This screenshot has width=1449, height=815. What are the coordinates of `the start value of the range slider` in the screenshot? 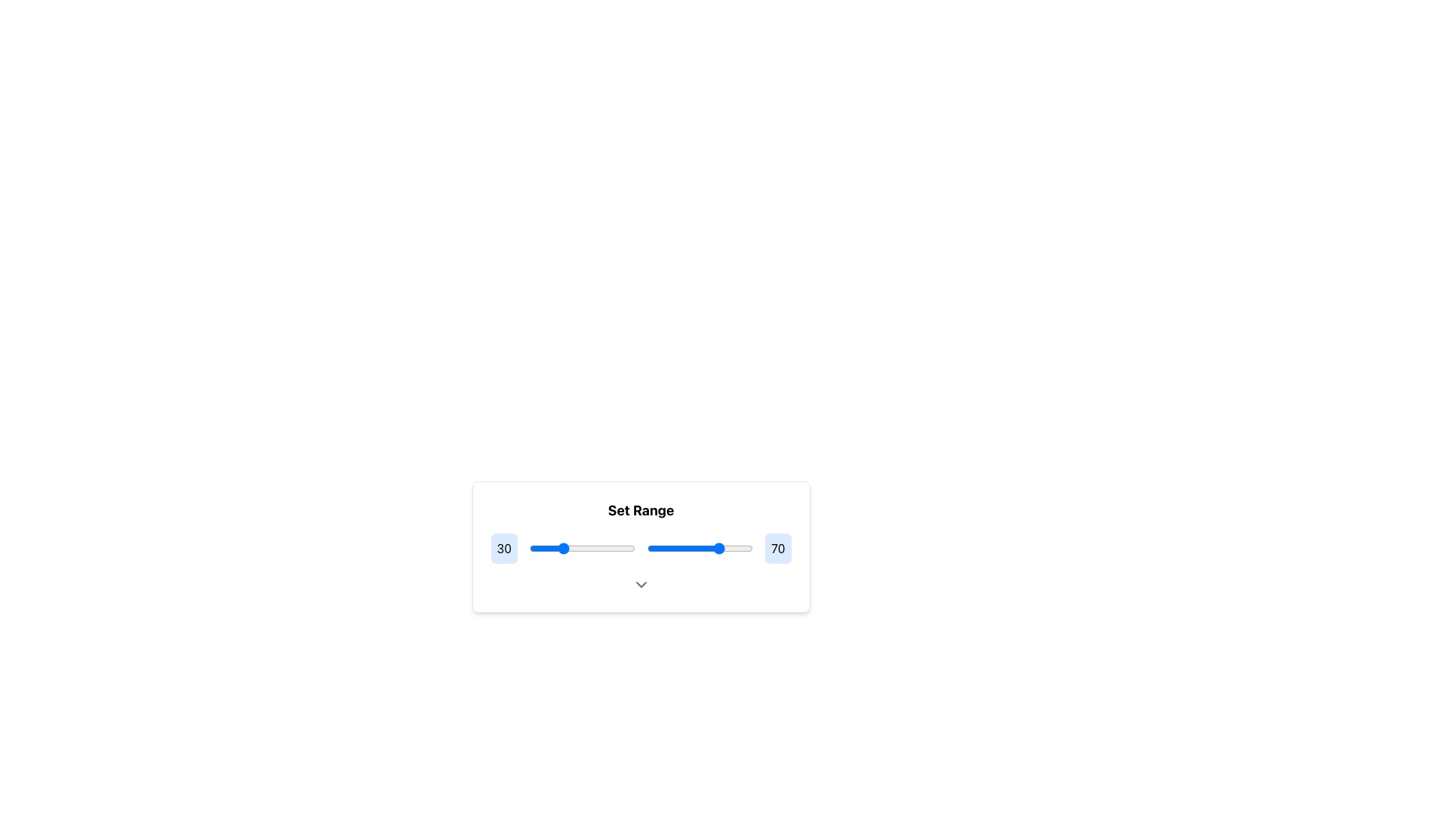 It's located at (537, 548).